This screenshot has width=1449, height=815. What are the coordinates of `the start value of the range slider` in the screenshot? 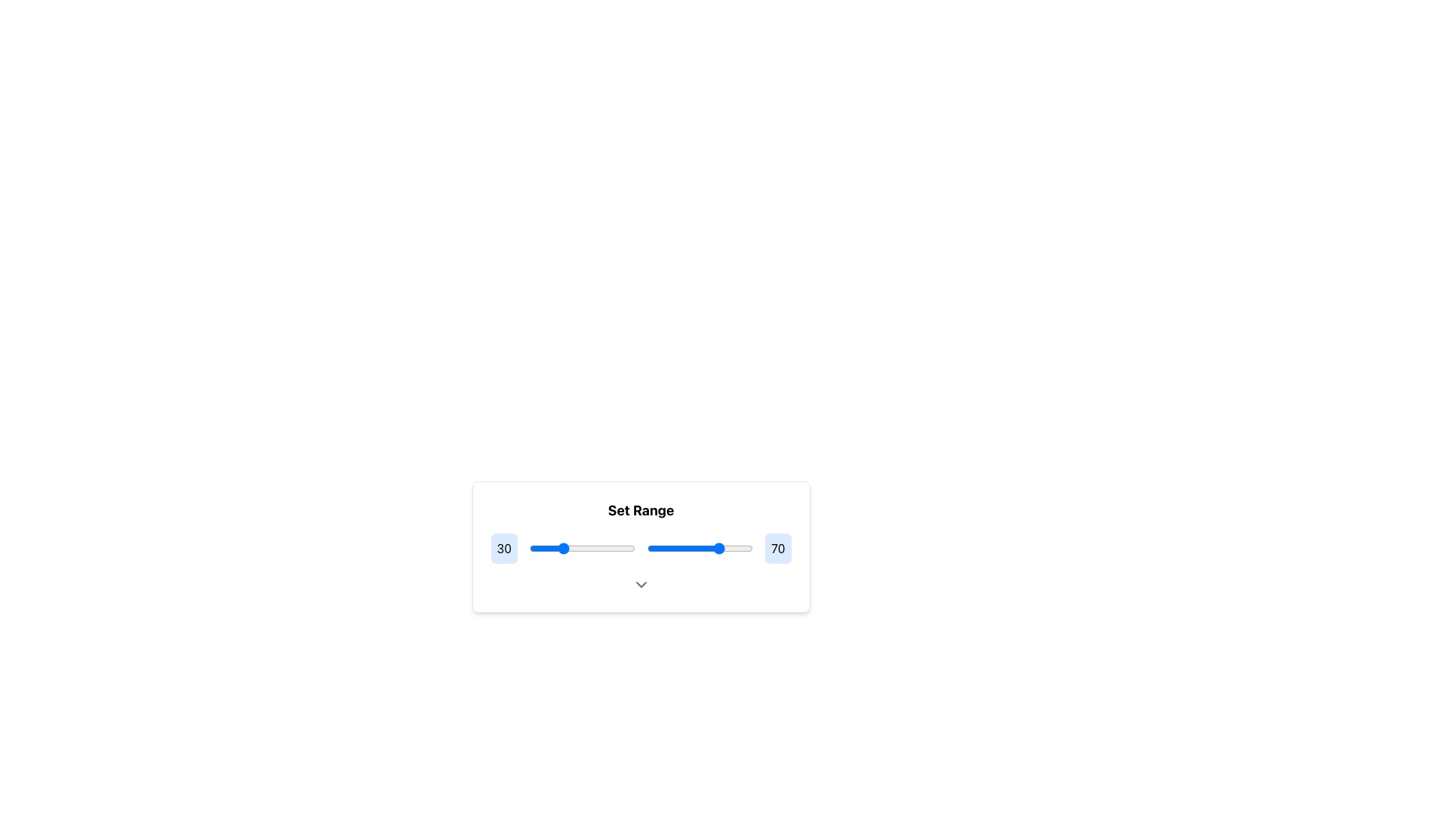 It's located at (537, 548).